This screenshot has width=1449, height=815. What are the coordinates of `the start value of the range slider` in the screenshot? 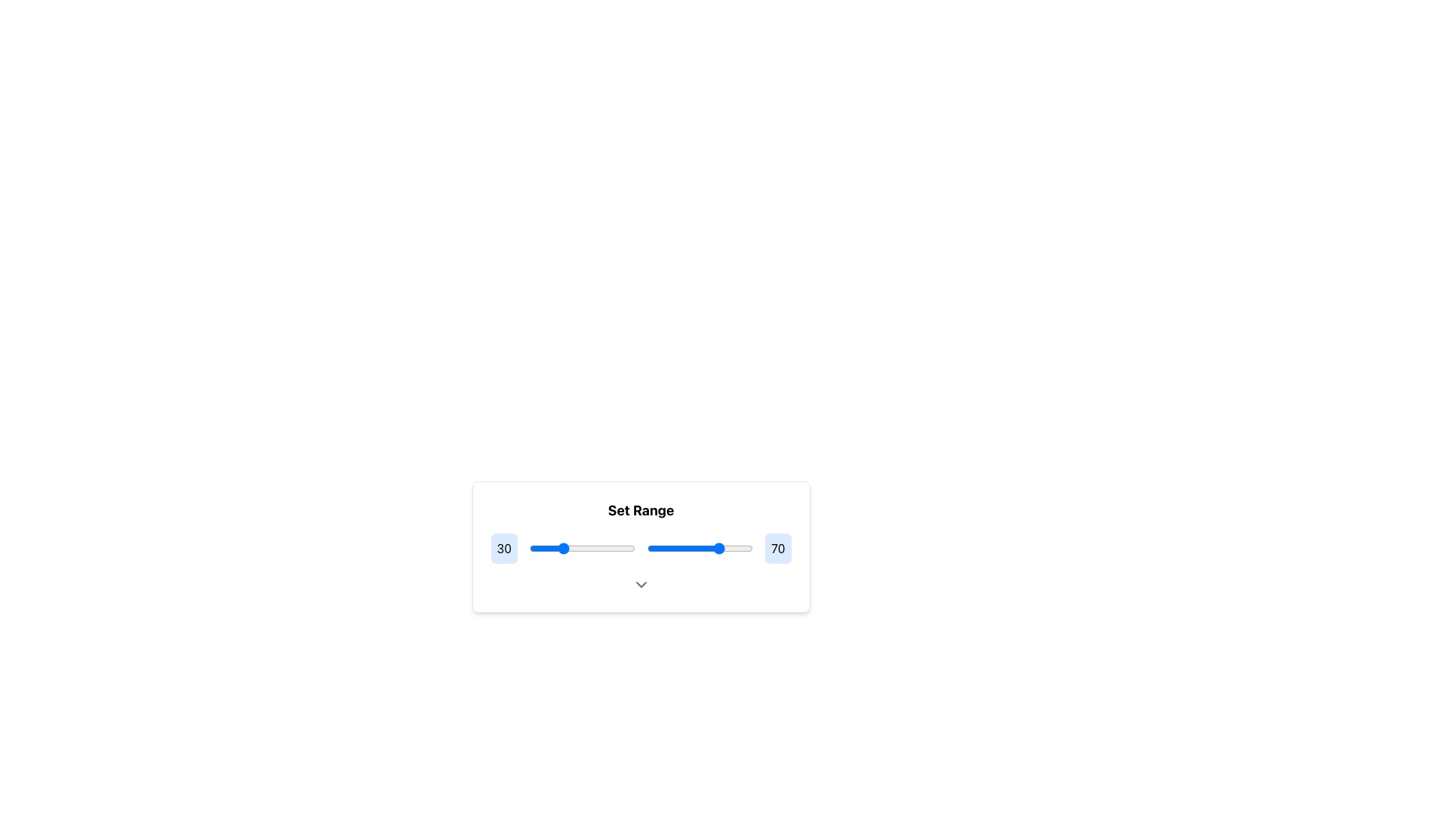 It's located at (537, 548).